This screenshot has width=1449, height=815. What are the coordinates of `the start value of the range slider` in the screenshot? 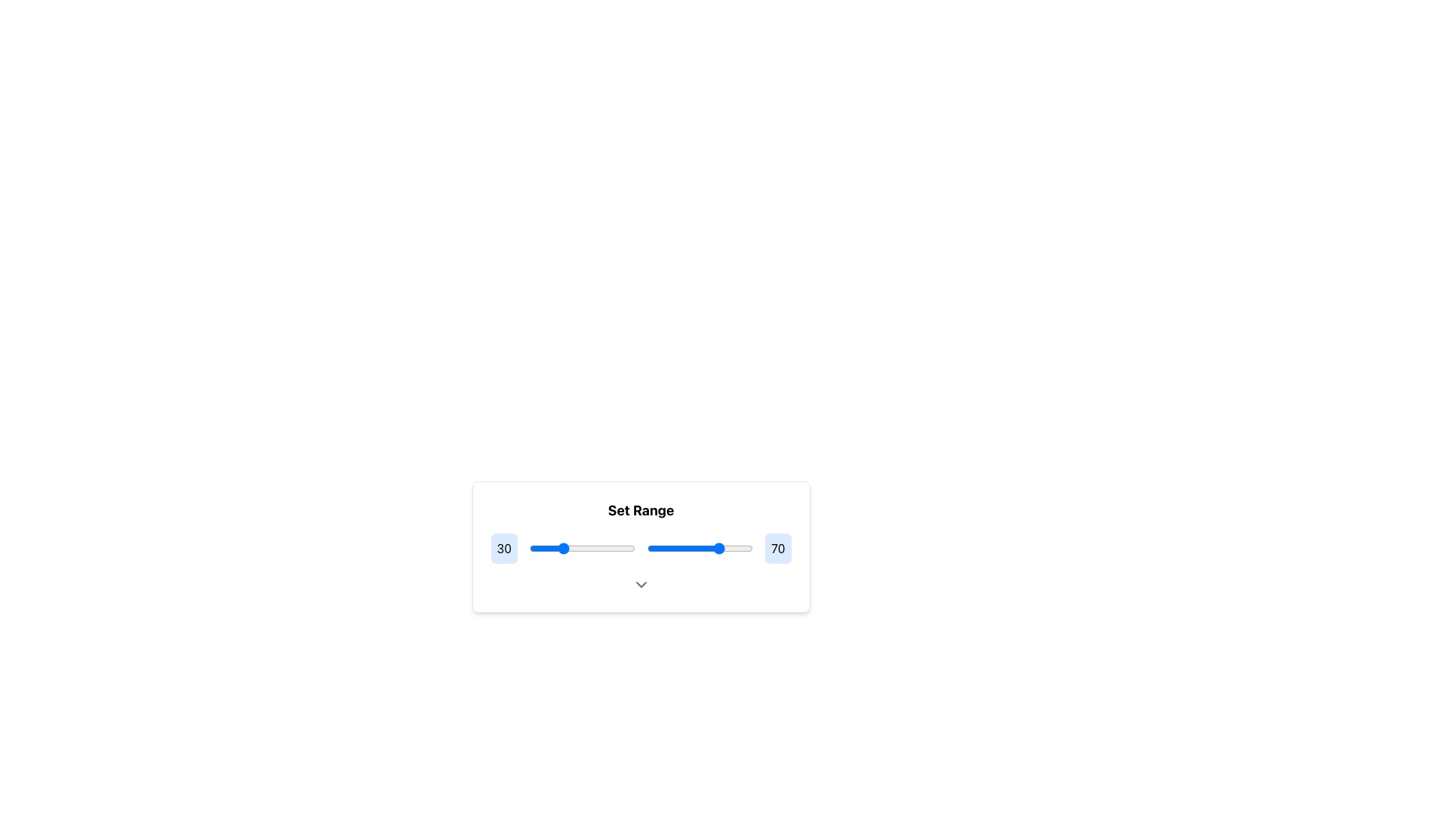 It's located at (537, 548).